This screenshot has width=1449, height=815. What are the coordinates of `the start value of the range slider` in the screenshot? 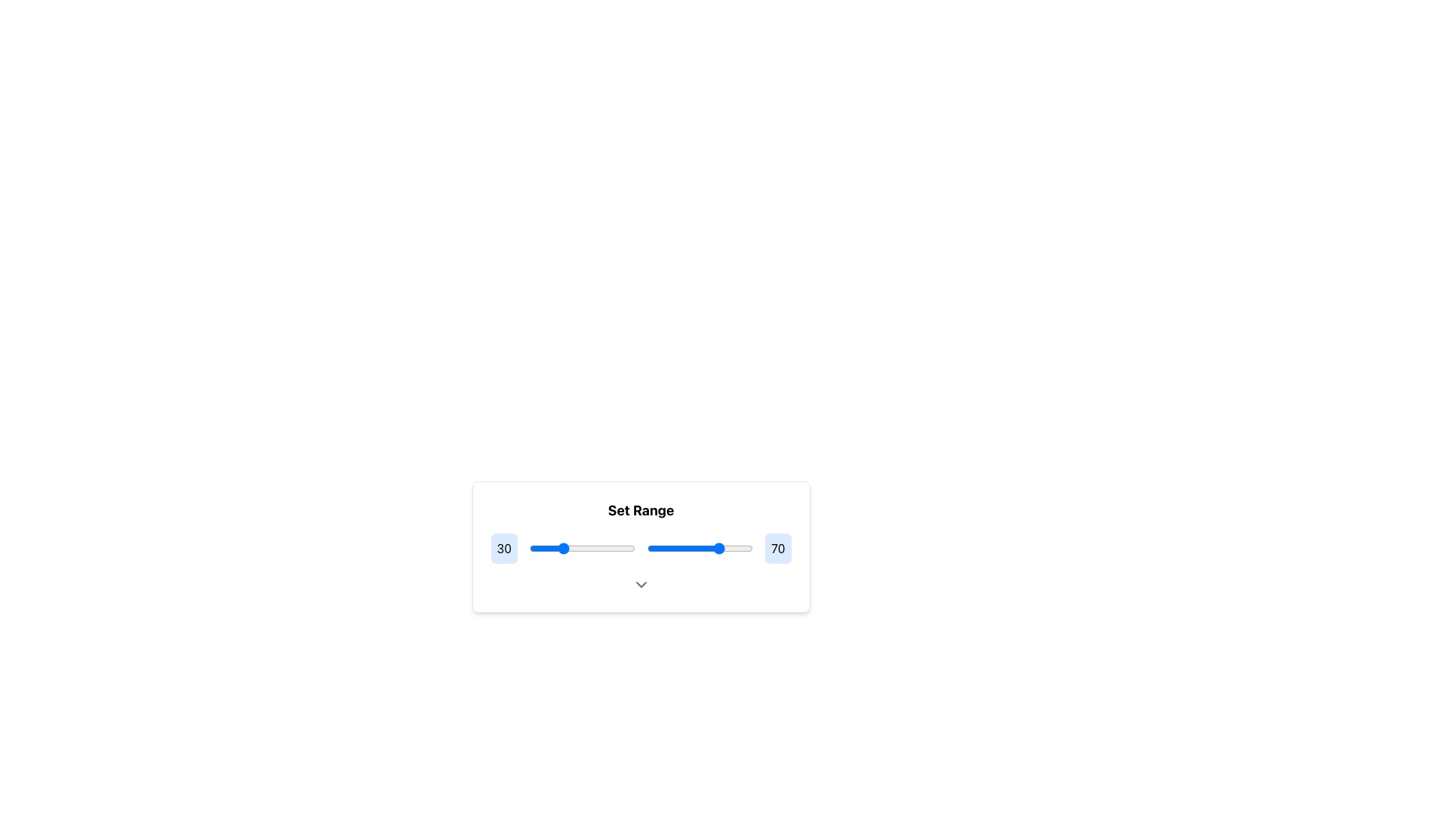 It's located at (537, 548).